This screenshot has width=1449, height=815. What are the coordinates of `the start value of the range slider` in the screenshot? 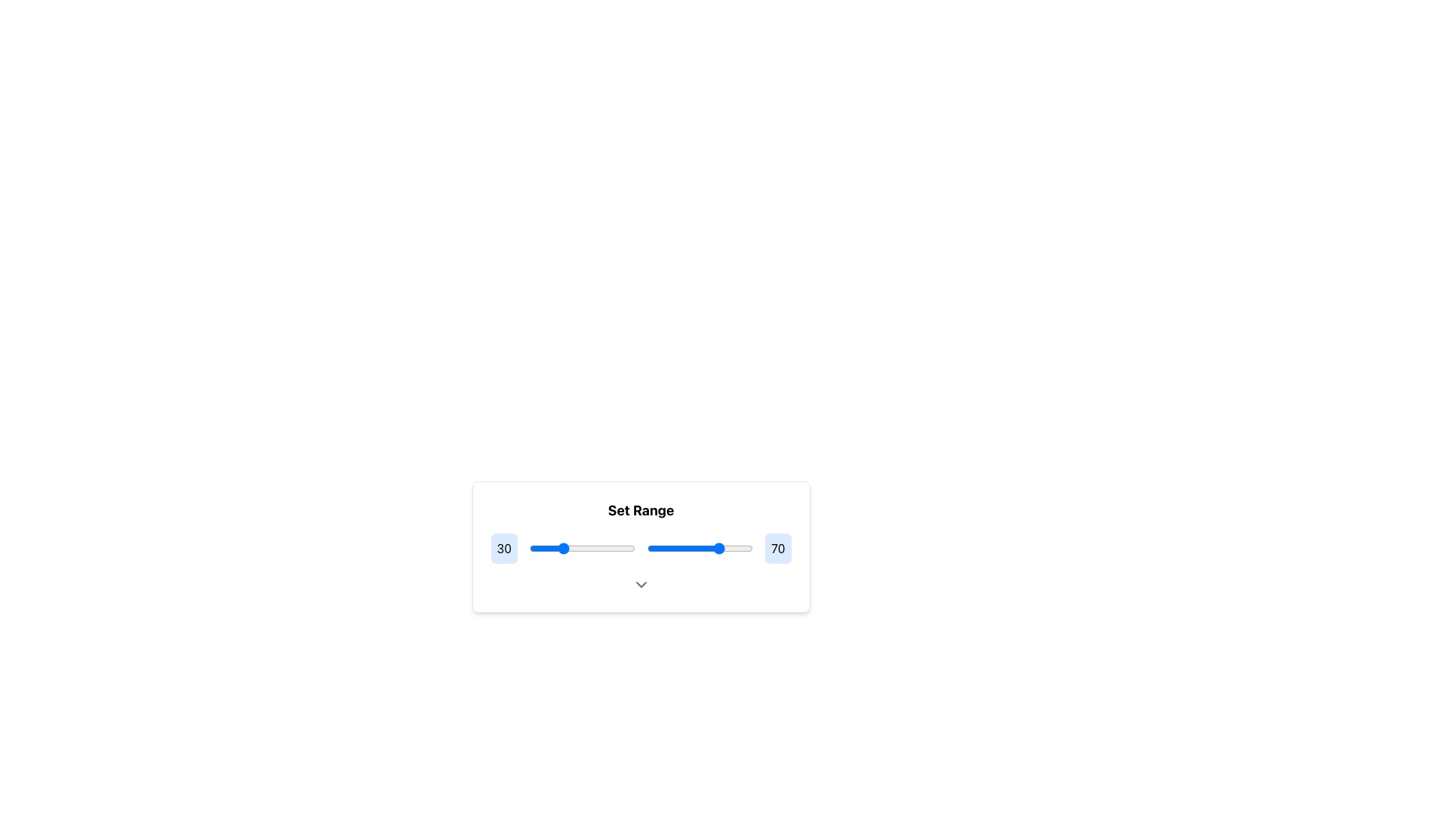 It's located at (537, 548).